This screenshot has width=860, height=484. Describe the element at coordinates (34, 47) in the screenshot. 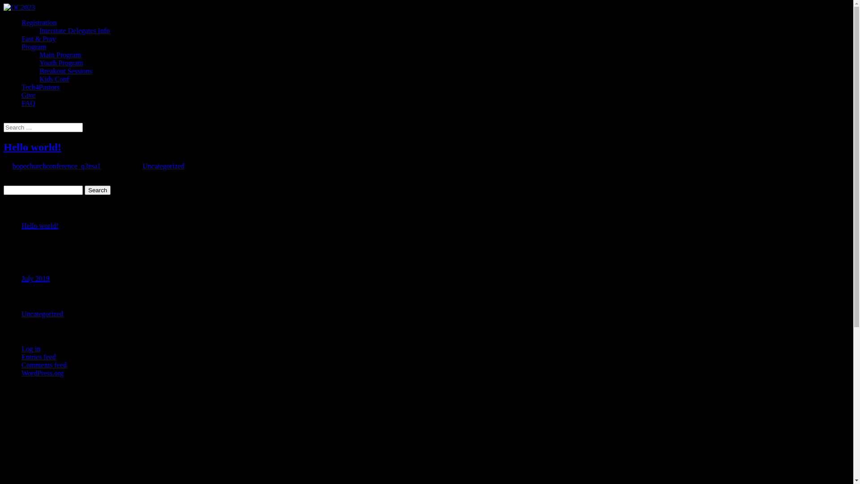

I see `'Program'` at that location.